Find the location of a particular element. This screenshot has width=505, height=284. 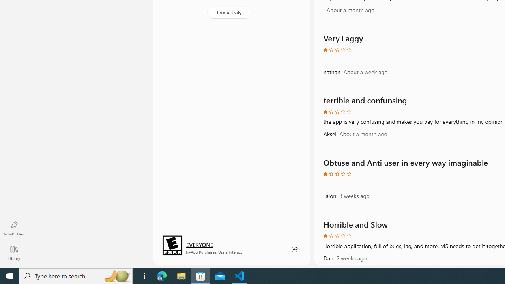

'Age rating: EVERYONE. Click for more information.' is located at coordinates (200, 244).